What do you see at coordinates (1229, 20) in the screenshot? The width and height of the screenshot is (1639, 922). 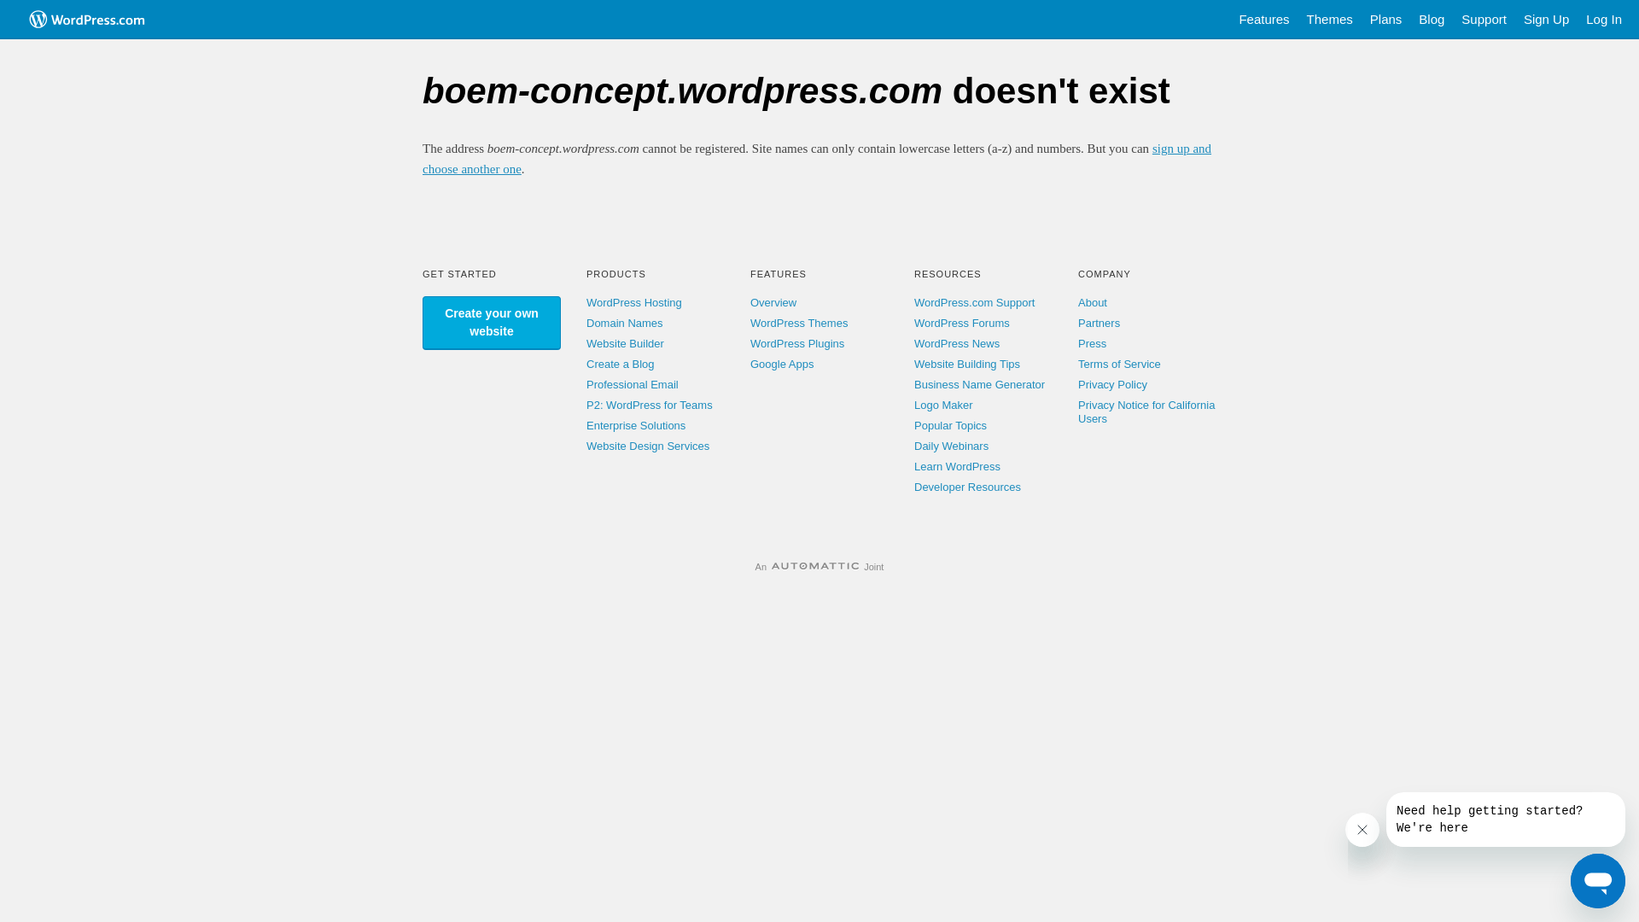 I see `'Features'` at bounding box center [1229, 20].